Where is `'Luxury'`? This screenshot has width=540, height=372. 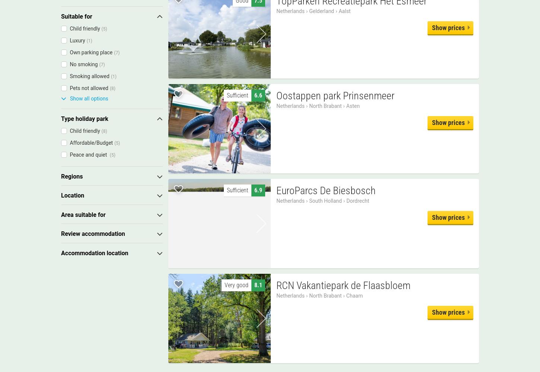
'Luxury' is located at coordinates (77, 40).